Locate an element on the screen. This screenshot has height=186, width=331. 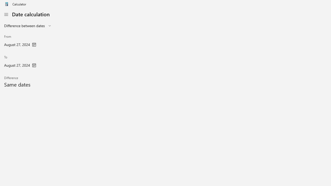
'From' is located at coordinates (20, 41).